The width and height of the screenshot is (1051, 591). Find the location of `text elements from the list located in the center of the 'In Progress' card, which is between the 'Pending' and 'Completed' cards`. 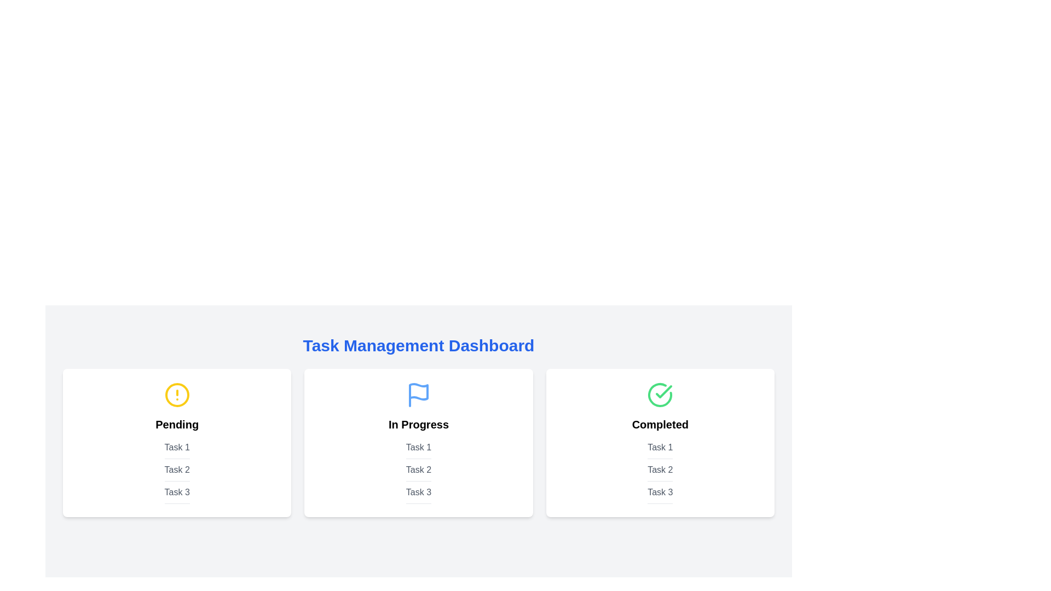

text elements from the list located in the center of the 'In Progress' card, which is between the 'Pending' and 'Completed' cards is located at coordinates (418, 472).